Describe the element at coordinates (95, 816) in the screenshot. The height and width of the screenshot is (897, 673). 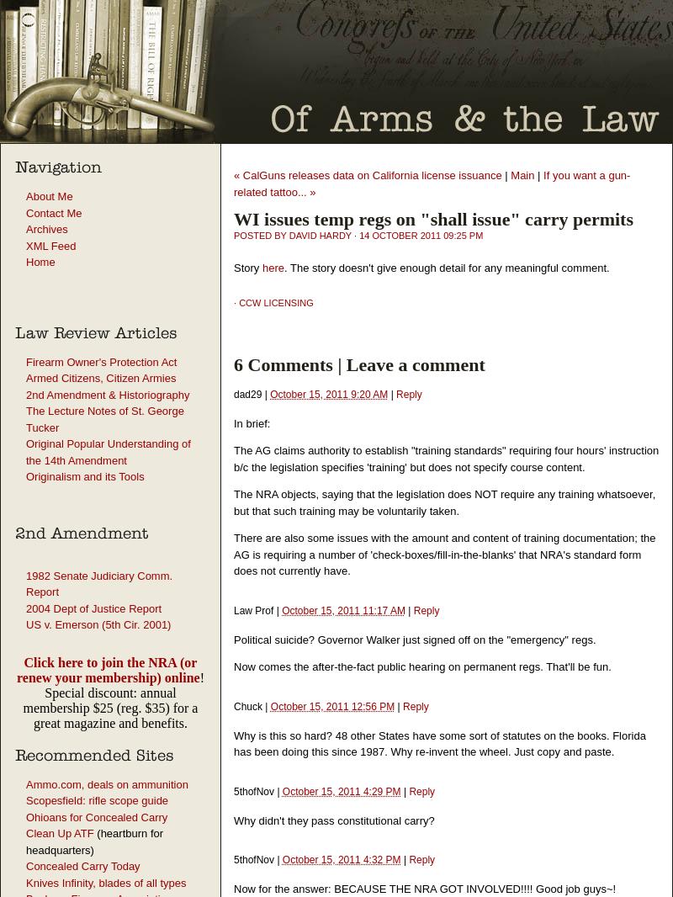
I see `'Ohioans for Concealed Carry'` at that location.